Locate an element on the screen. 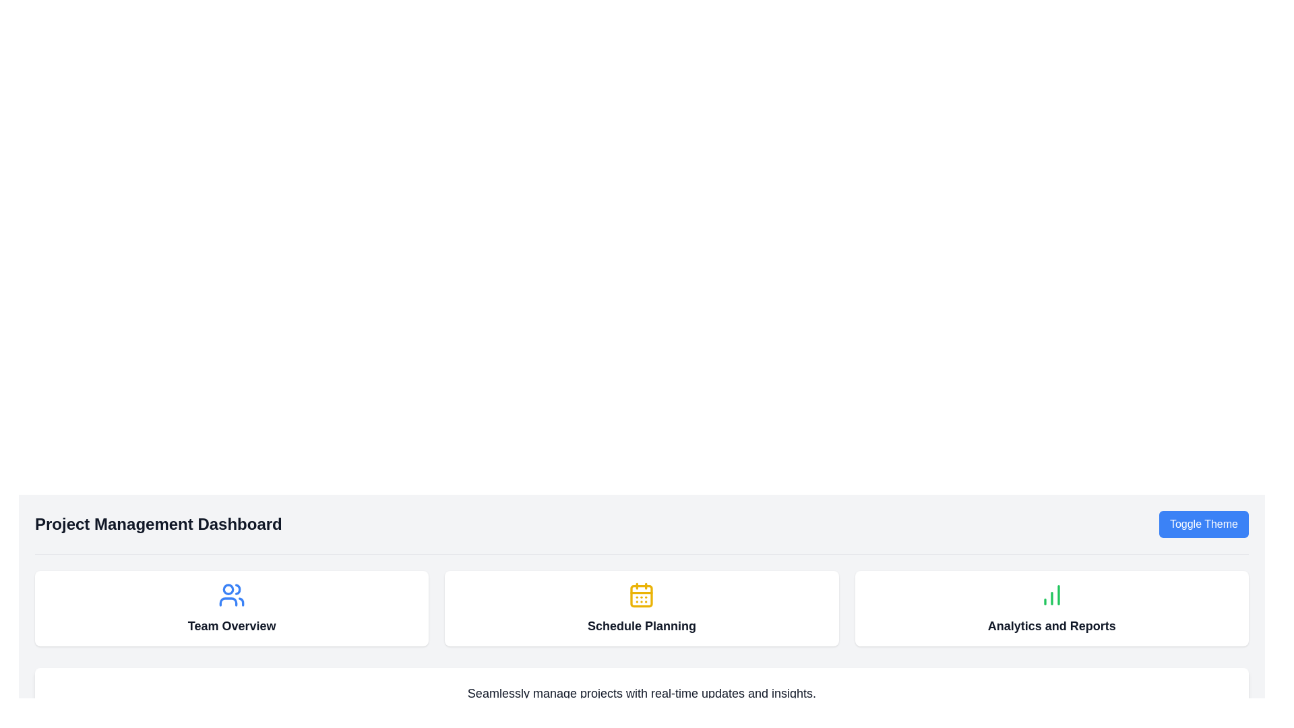 The image size is (1294, 728). the theme toggle button located on the right side of the header, aligned with the Project Management Dashboard text, to switch between light and dark themes is located at coordinates (1204, 524).